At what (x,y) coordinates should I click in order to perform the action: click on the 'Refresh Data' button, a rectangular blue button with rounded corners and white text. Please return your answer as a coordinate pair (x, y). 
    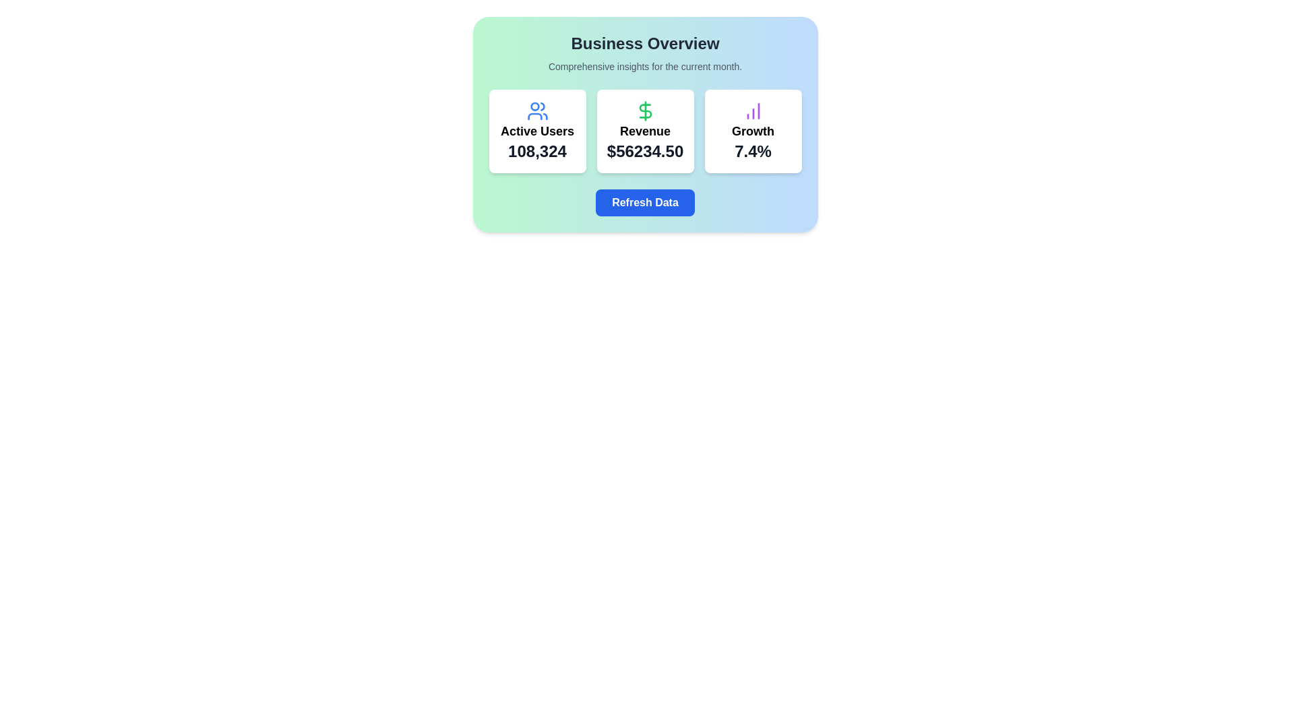
    Looking at the image, I should click on (644, 202).